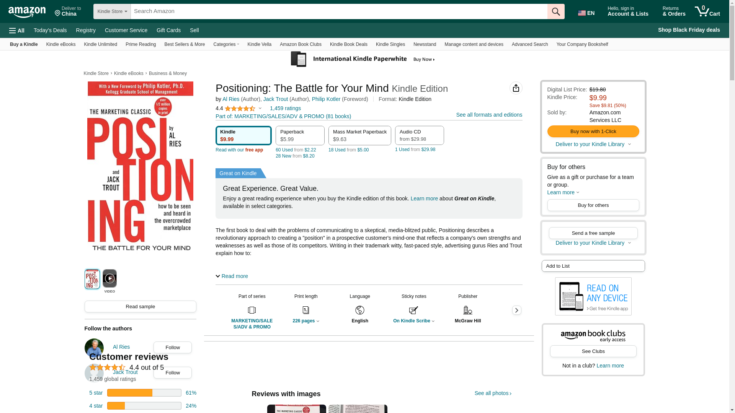 This screenshot has height=413, width=735. Describe the element at coordinates (493, 393) in the screenshot. I see `'See all photos'` at that location.